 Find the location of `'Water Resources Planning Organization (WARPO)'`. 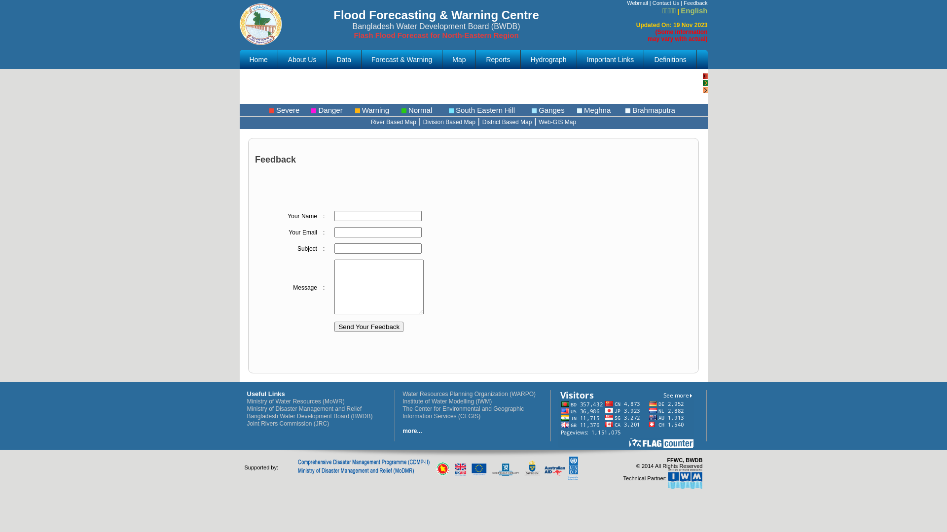

'Water Resources Planning Organization (WARPO)' is located at coordinates (468, 393).